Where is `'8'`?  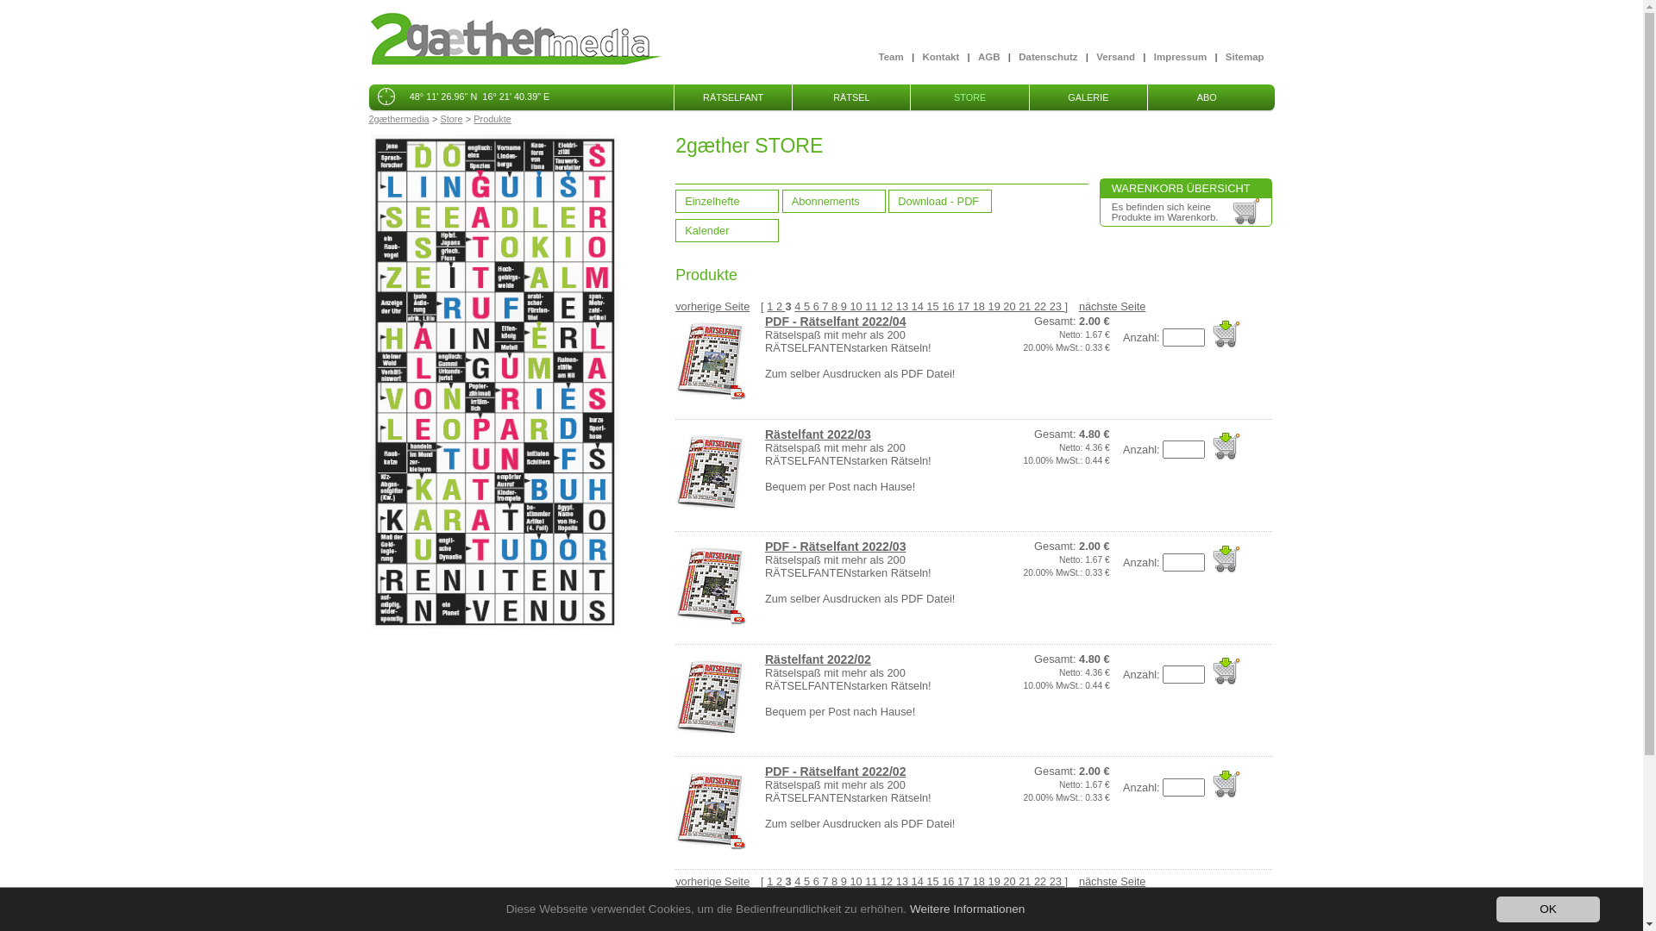
'8' is located at coordinates (831, 305).